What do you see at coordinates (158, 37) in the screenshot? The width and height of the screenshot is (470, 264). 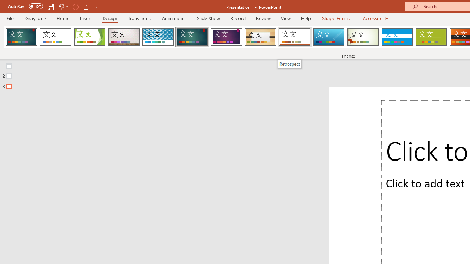 I see `'Integral'` at bounding box center [158, 37].